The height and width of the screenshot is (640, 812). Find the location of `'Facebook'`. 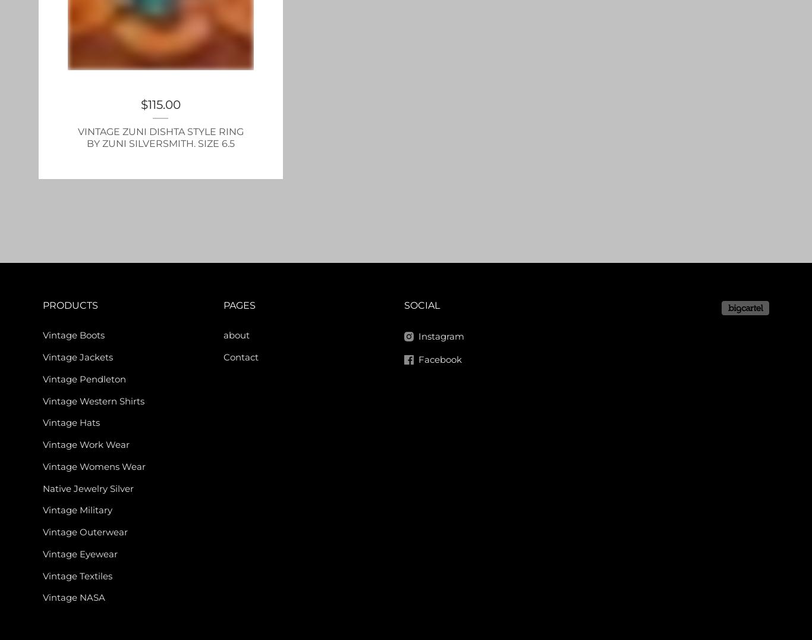

'Facebook' is located at coordinates (440, 359).